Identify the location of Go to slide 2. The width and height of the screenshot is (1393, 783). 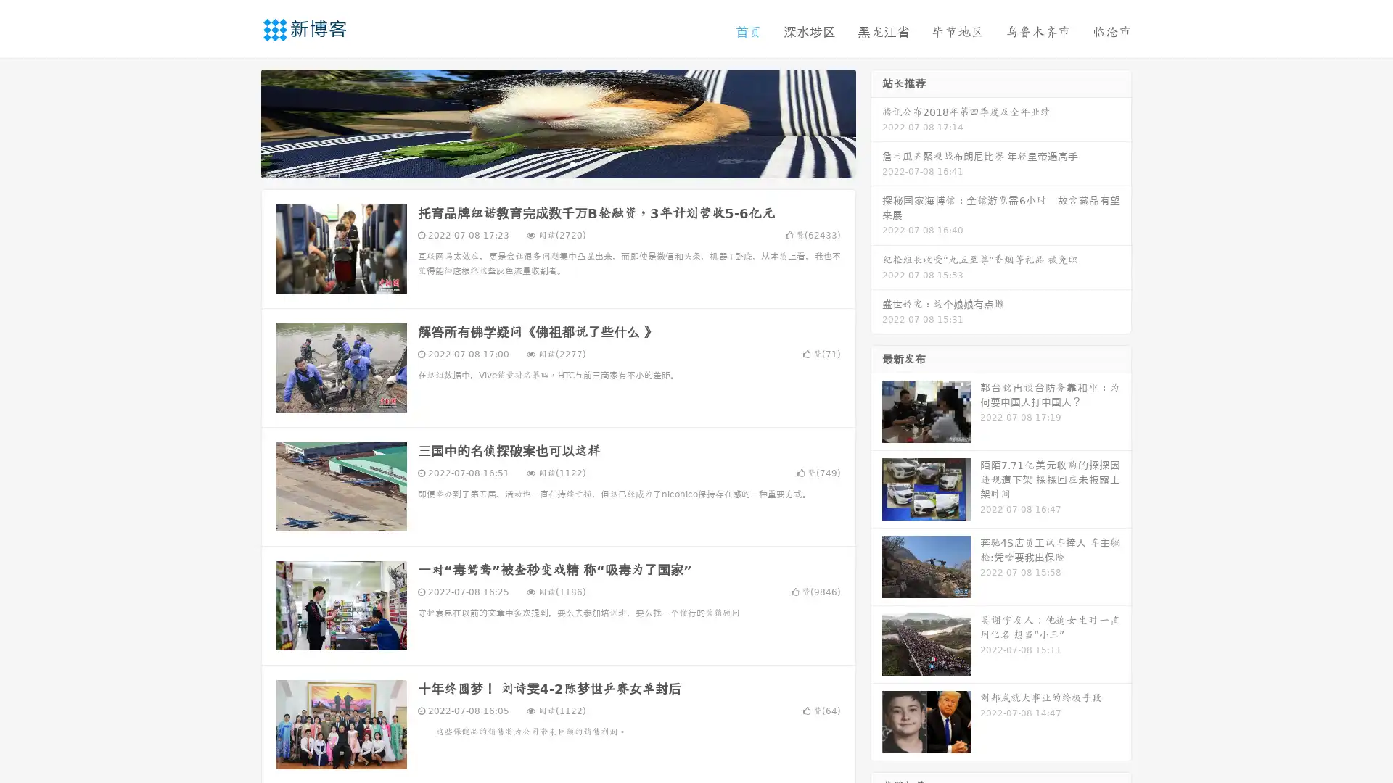
(557, 163).